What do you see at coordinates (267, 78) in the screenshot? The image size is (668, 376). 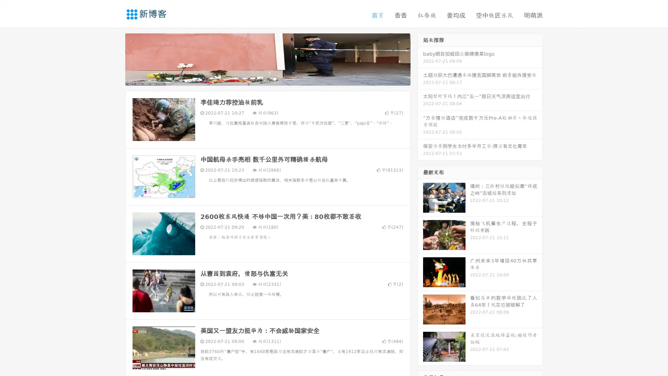 I see `Go to slide 2` at bounding box center [267, 78].